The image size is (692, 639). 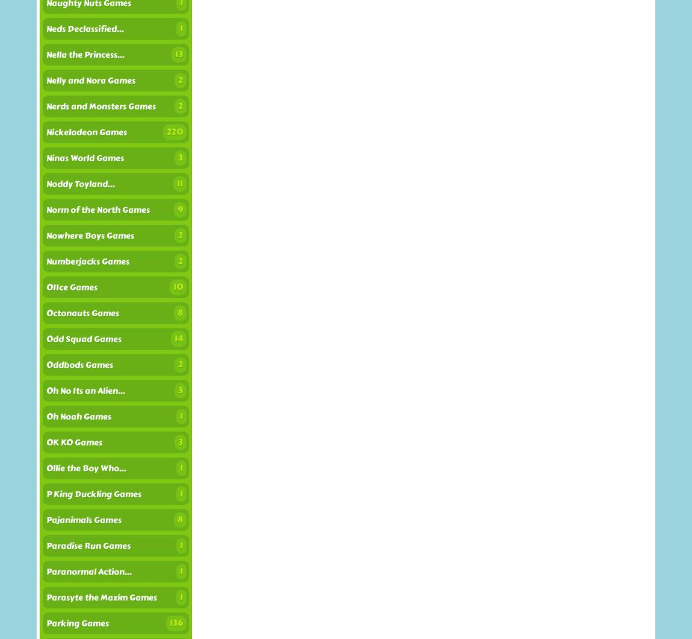 I want to click on 'Oh Noah Games', so click(x=78, y=416).